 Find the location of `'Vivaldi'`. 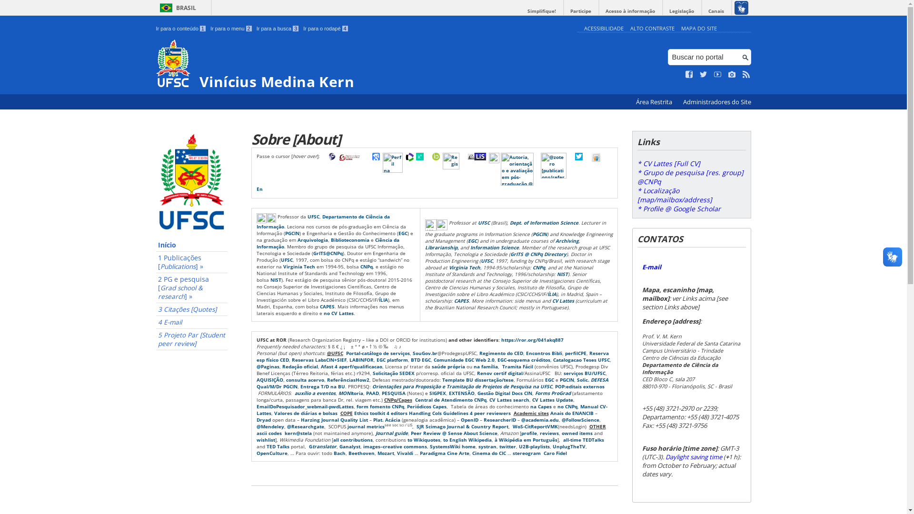

'Vivaldi' is located at coordinates (405, 453).